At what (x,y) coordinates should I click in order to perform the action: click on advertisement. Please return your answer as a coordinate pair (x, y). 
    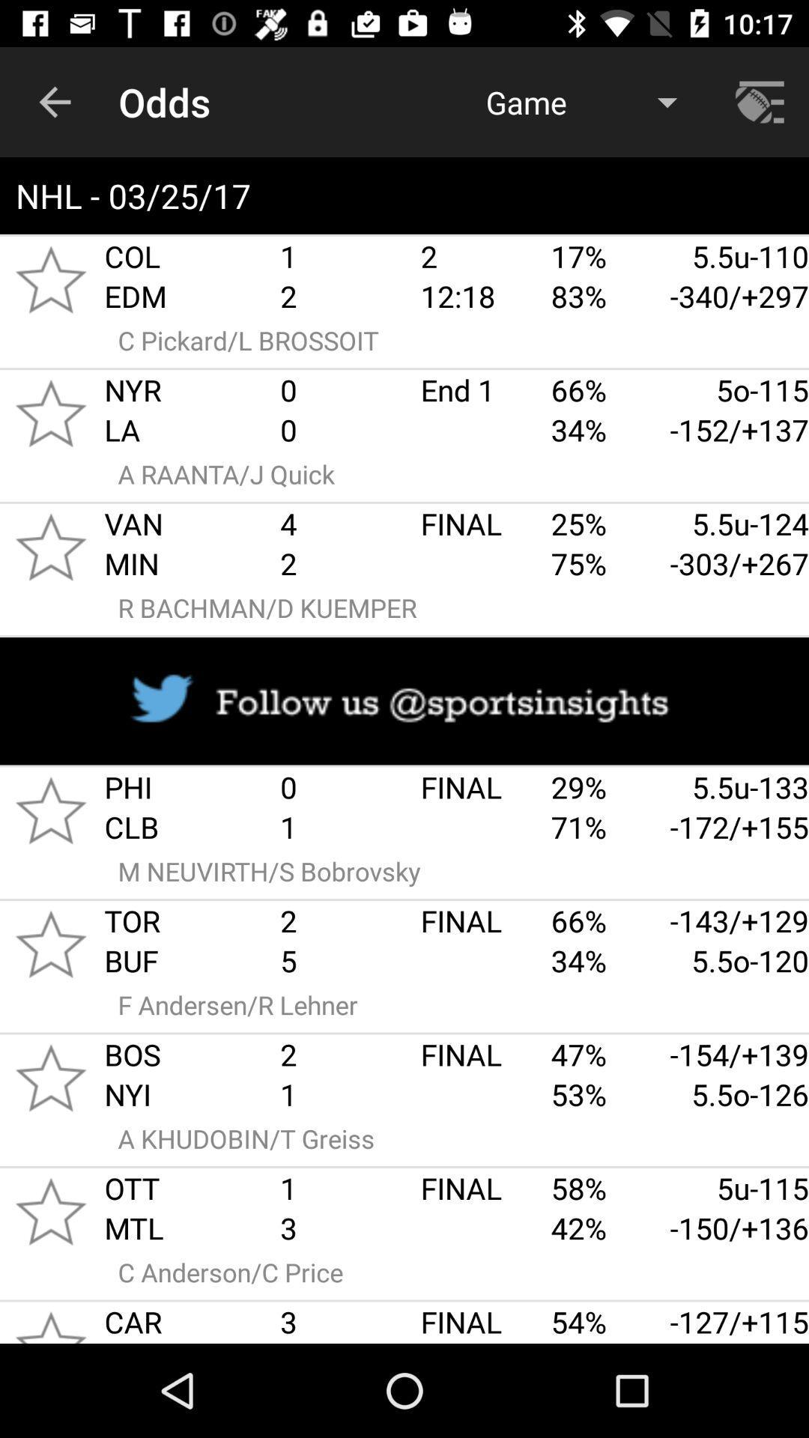
    Looking at the image, I should click on (404, 700).